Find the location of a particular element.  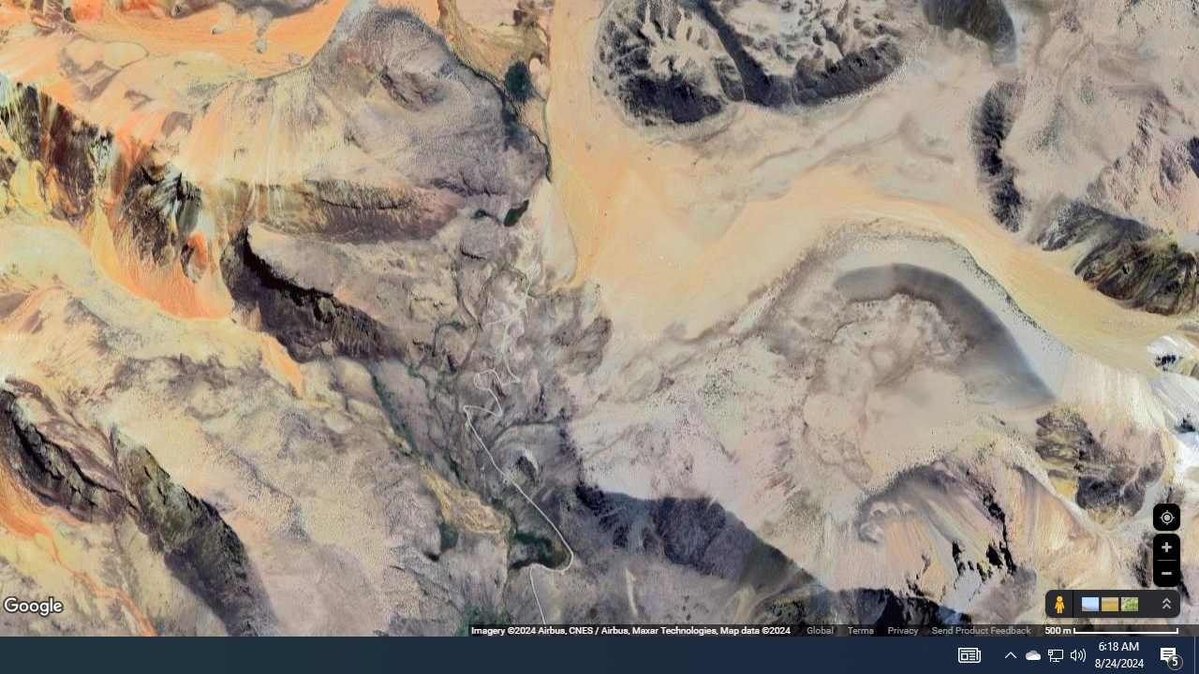

'Show Street View coverage' is located at coordinates (1058, 604).